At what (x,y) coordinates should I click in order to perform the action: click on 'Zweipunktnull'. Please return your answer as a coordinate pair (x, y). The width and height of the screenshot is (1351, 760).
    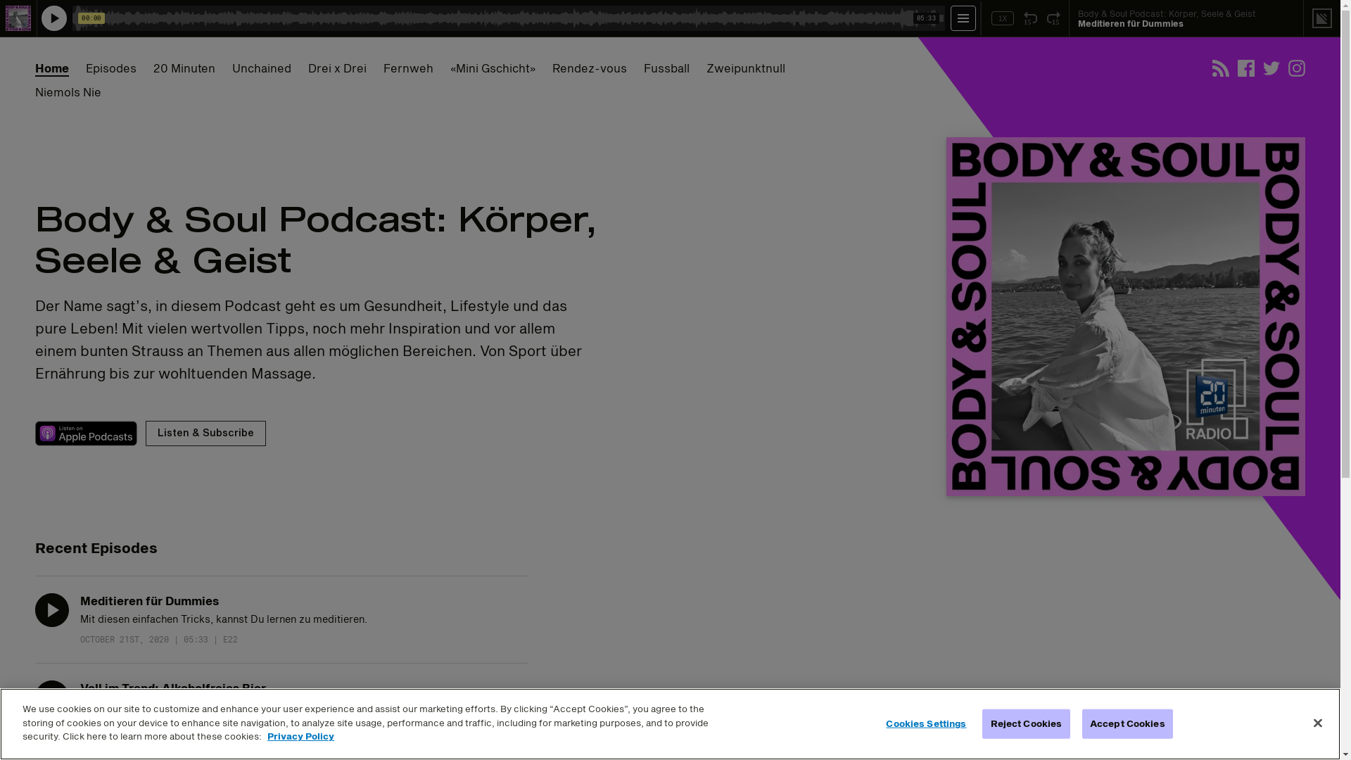
    Looking at the image, I should click on (706, 68).